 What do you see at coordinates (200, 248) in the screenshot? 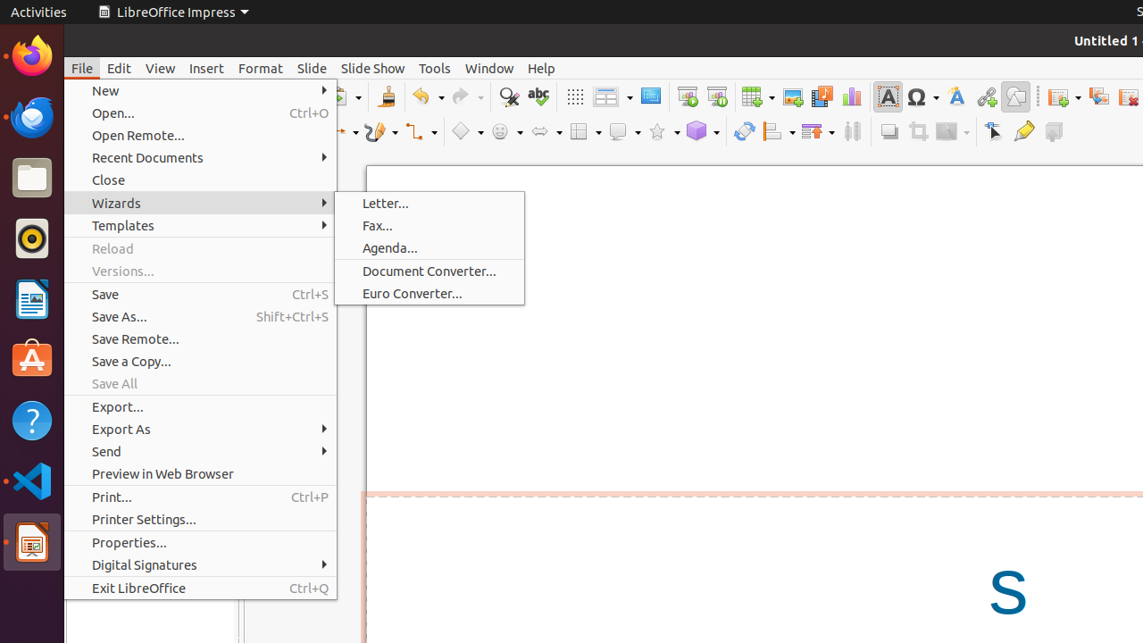
I see `'Reload'` at bounding box center [200, 248].